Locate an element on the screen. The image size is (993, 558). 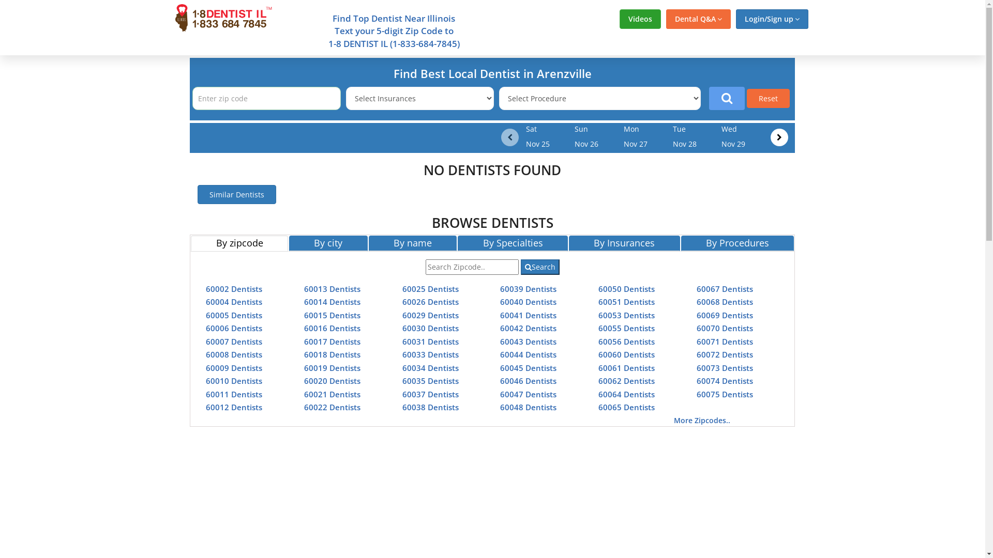
'60070 Dentists' is located at coordinates (724, 328).